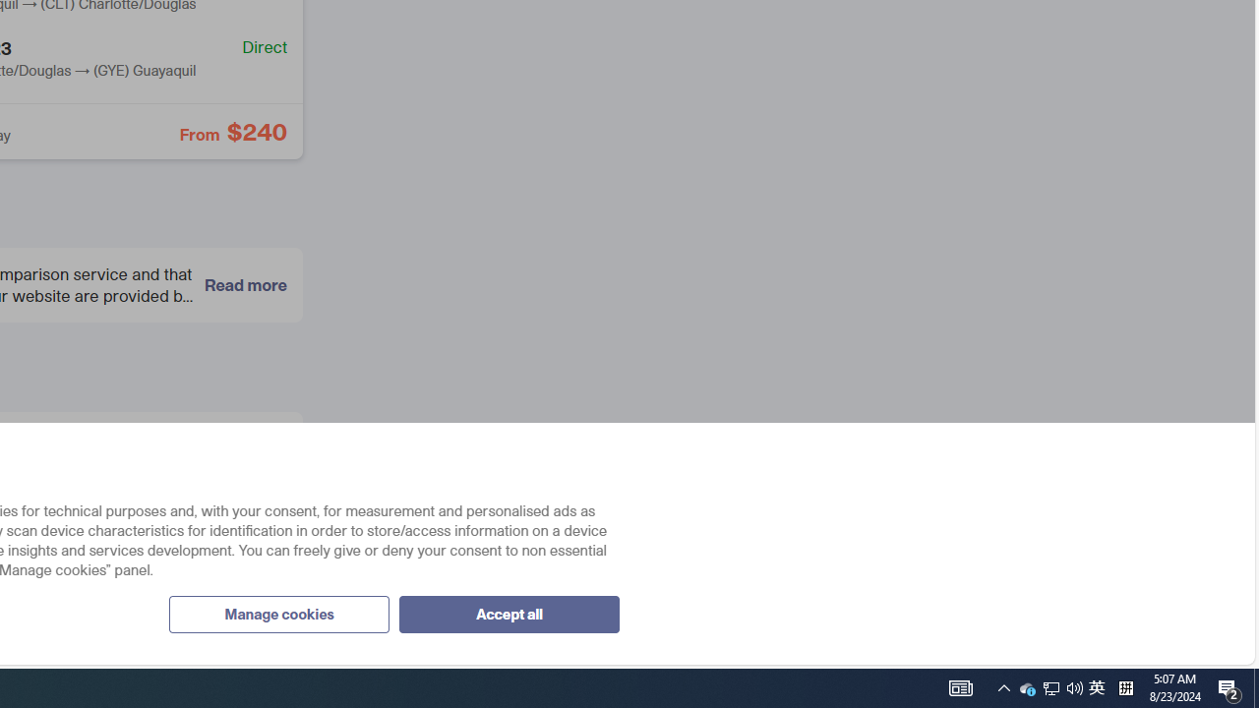 Image resolution: width=1259 pixels, height=708 pixels. I want to click on 'Accept all', so click(509, 613).